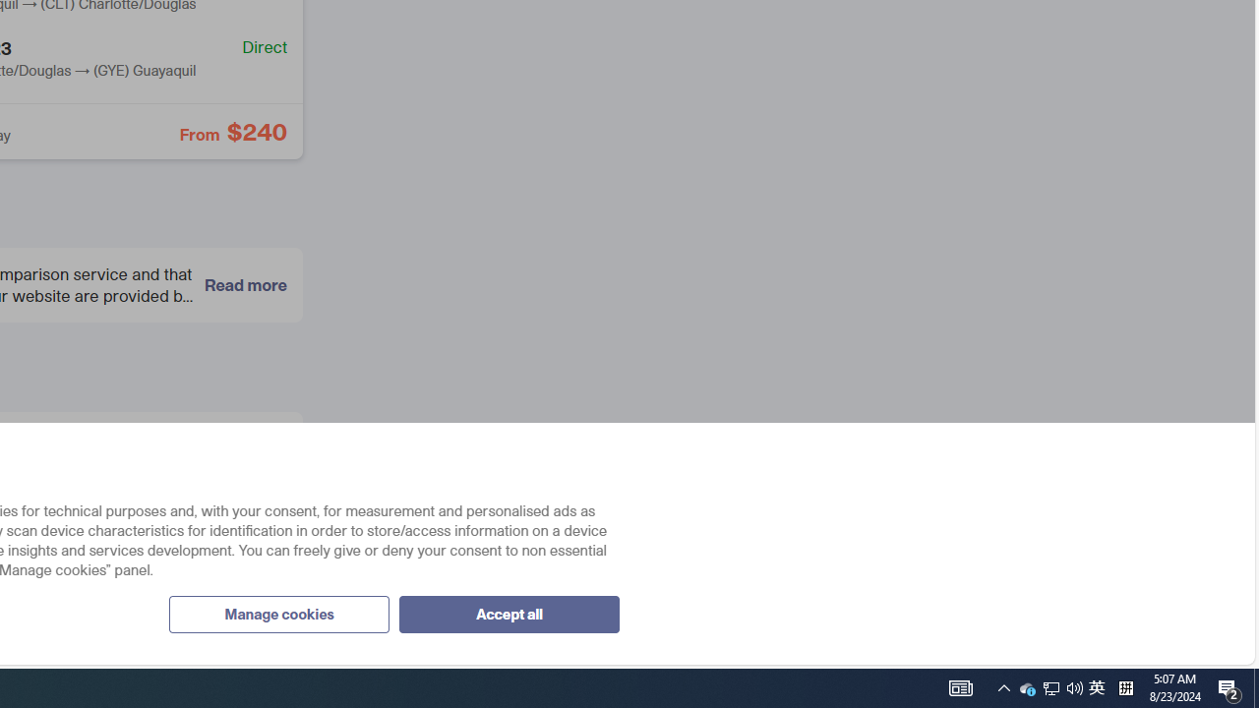 Image resolution: width=1259 pixels, height=708 pixels. I want to click on 'Accept all', so click(509, 613).